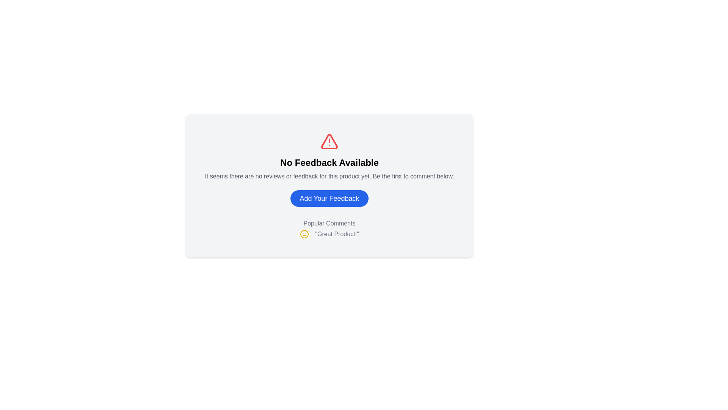 This screenshot has width=728, height=410. Describe the element at coordinates (329, 223) in the screenshot. I see `the text label displaying 'Popular Comments', which is styled with a gray font on a light background and is positioned at the top of the comments section` at that location.